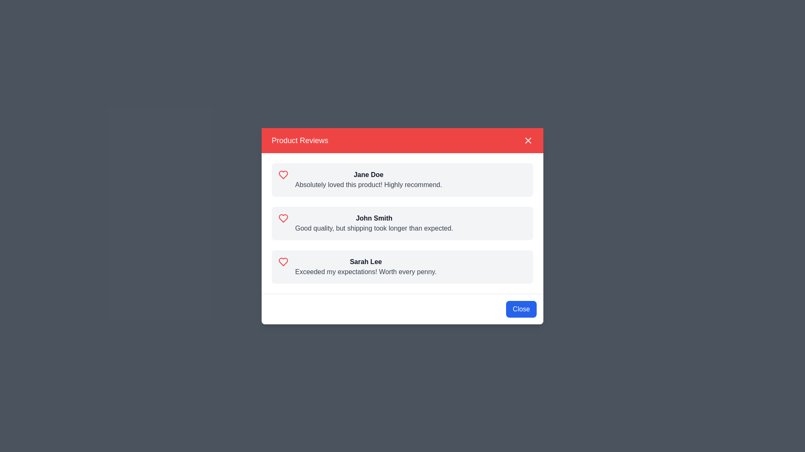 The width and height of the screenshot is (805, 452). I want to click on the 'X' icon in the header to close the dialog, so click(527, 140).